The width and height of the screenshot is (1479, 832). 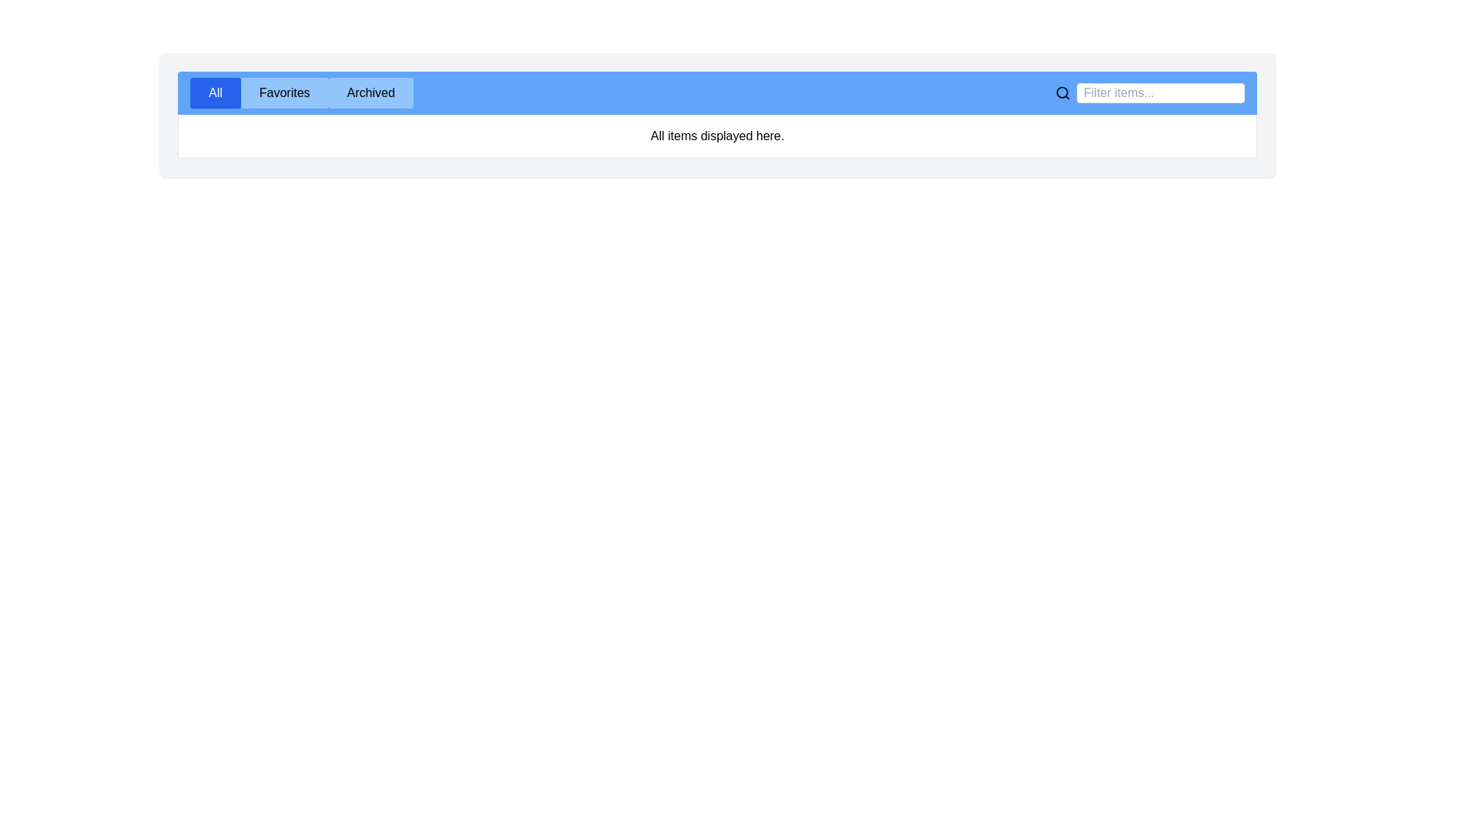 I want to click on the tab labeled Favorites to display its content, so click(x=284, y=92).